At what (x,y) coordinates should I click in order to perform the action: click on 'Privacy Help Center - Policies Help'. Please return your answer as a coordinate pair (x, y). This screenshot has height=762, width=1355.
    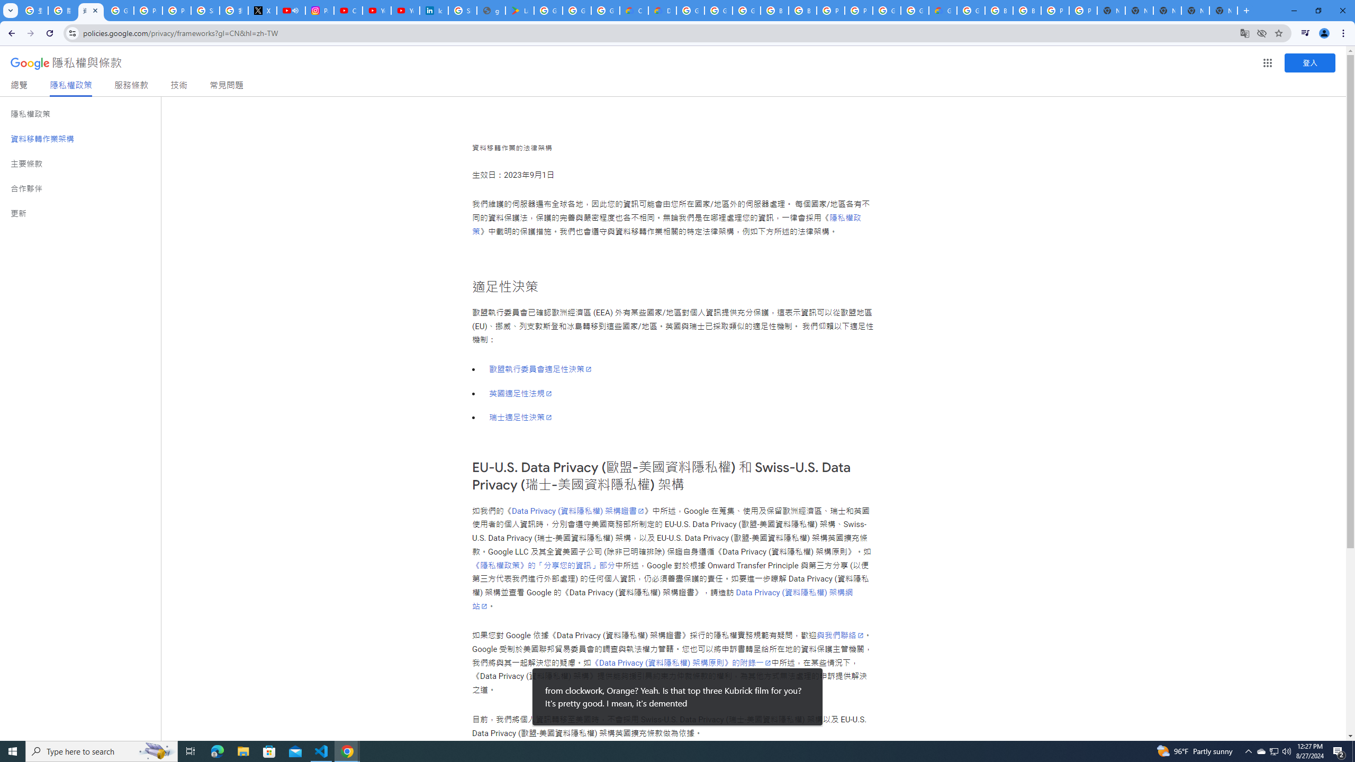
    Looking at the image, I should click on (147, 10).